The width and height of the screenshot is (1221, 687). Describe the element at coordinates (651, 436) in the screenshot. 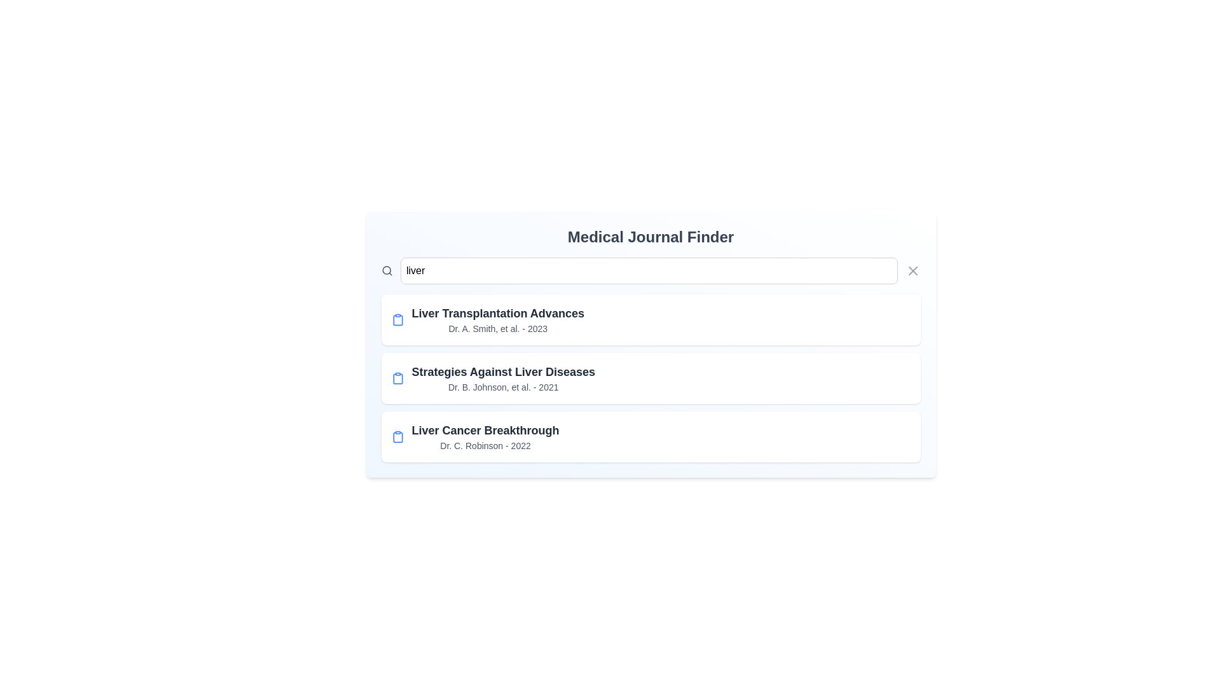

I see `the third journal entry in the list, which displays the title, author, and publication year` at that location.